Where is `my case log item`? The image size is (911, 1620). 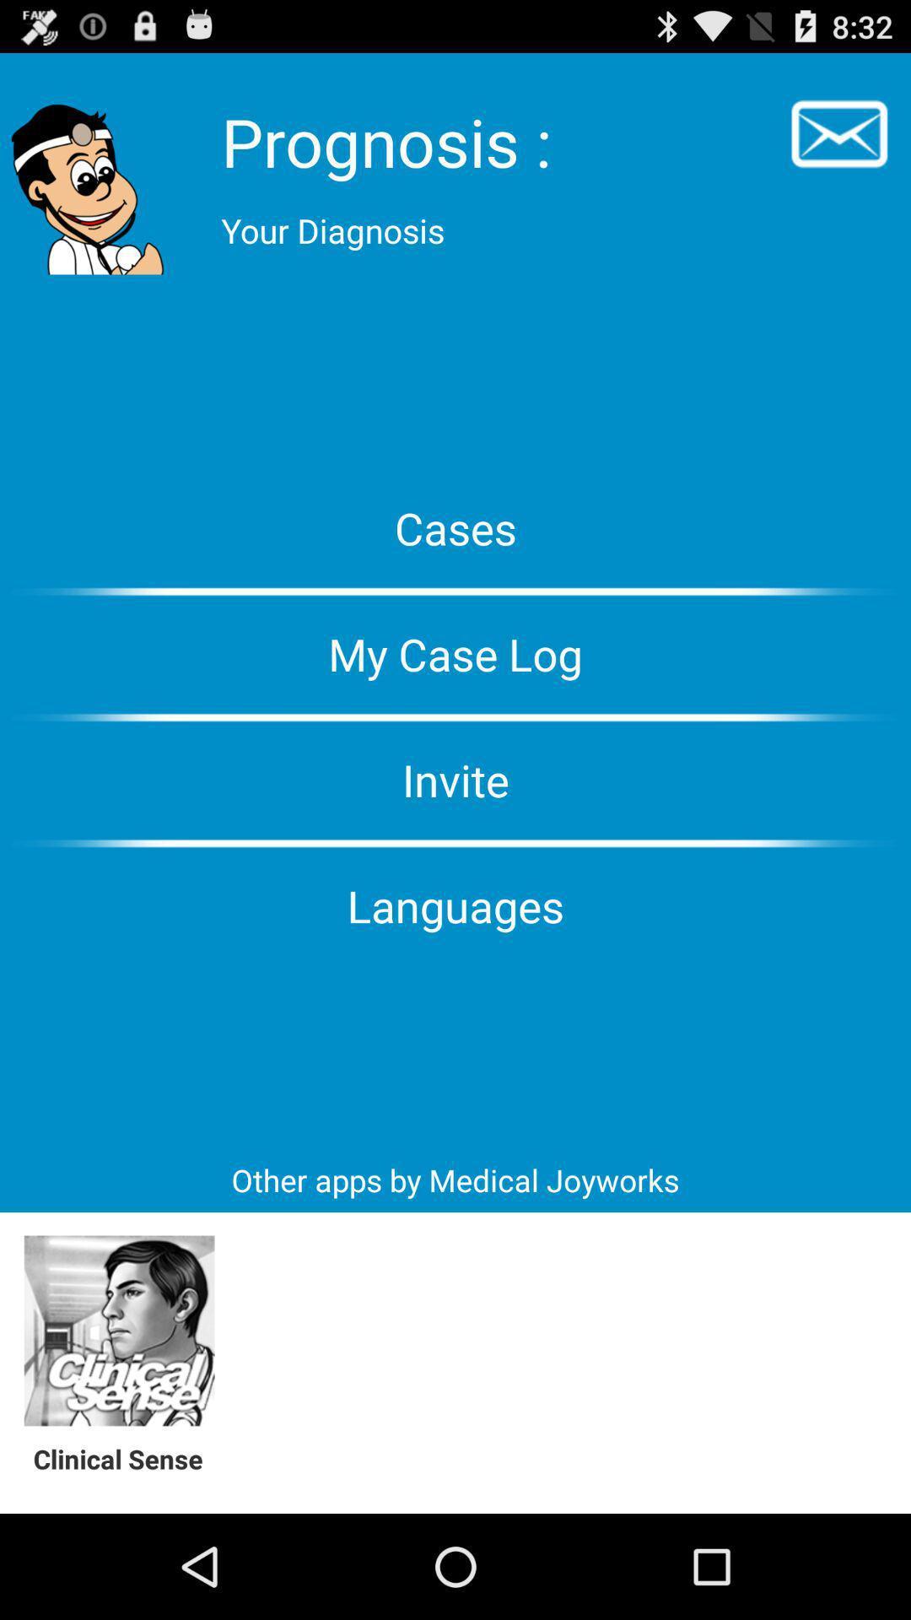 my case log item is located at coordinates (455, 653).